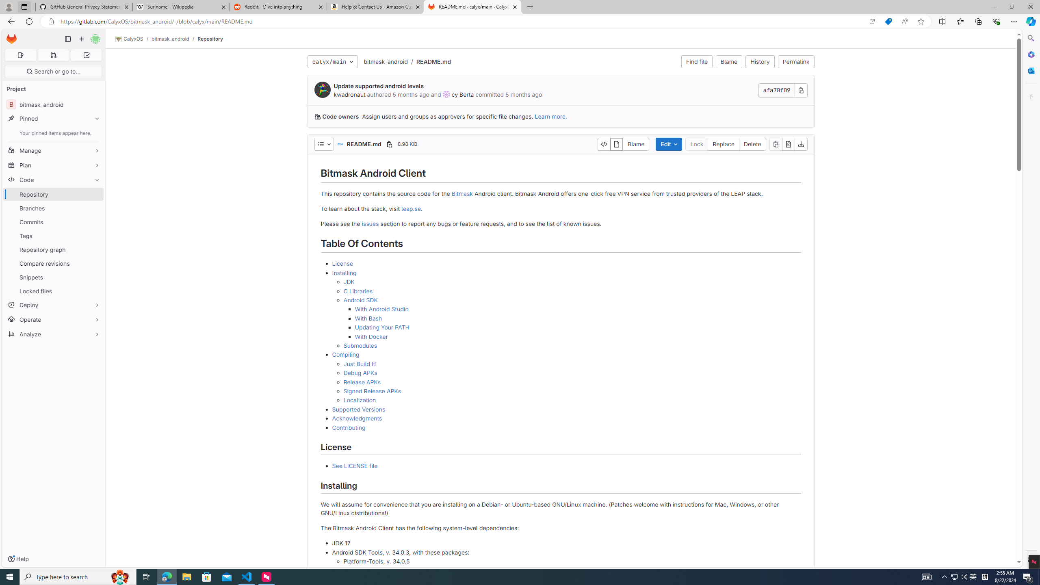  Describe the element at coordinates (53, 104) in the screenshot. I see `'B bitmask_android'` at that location.